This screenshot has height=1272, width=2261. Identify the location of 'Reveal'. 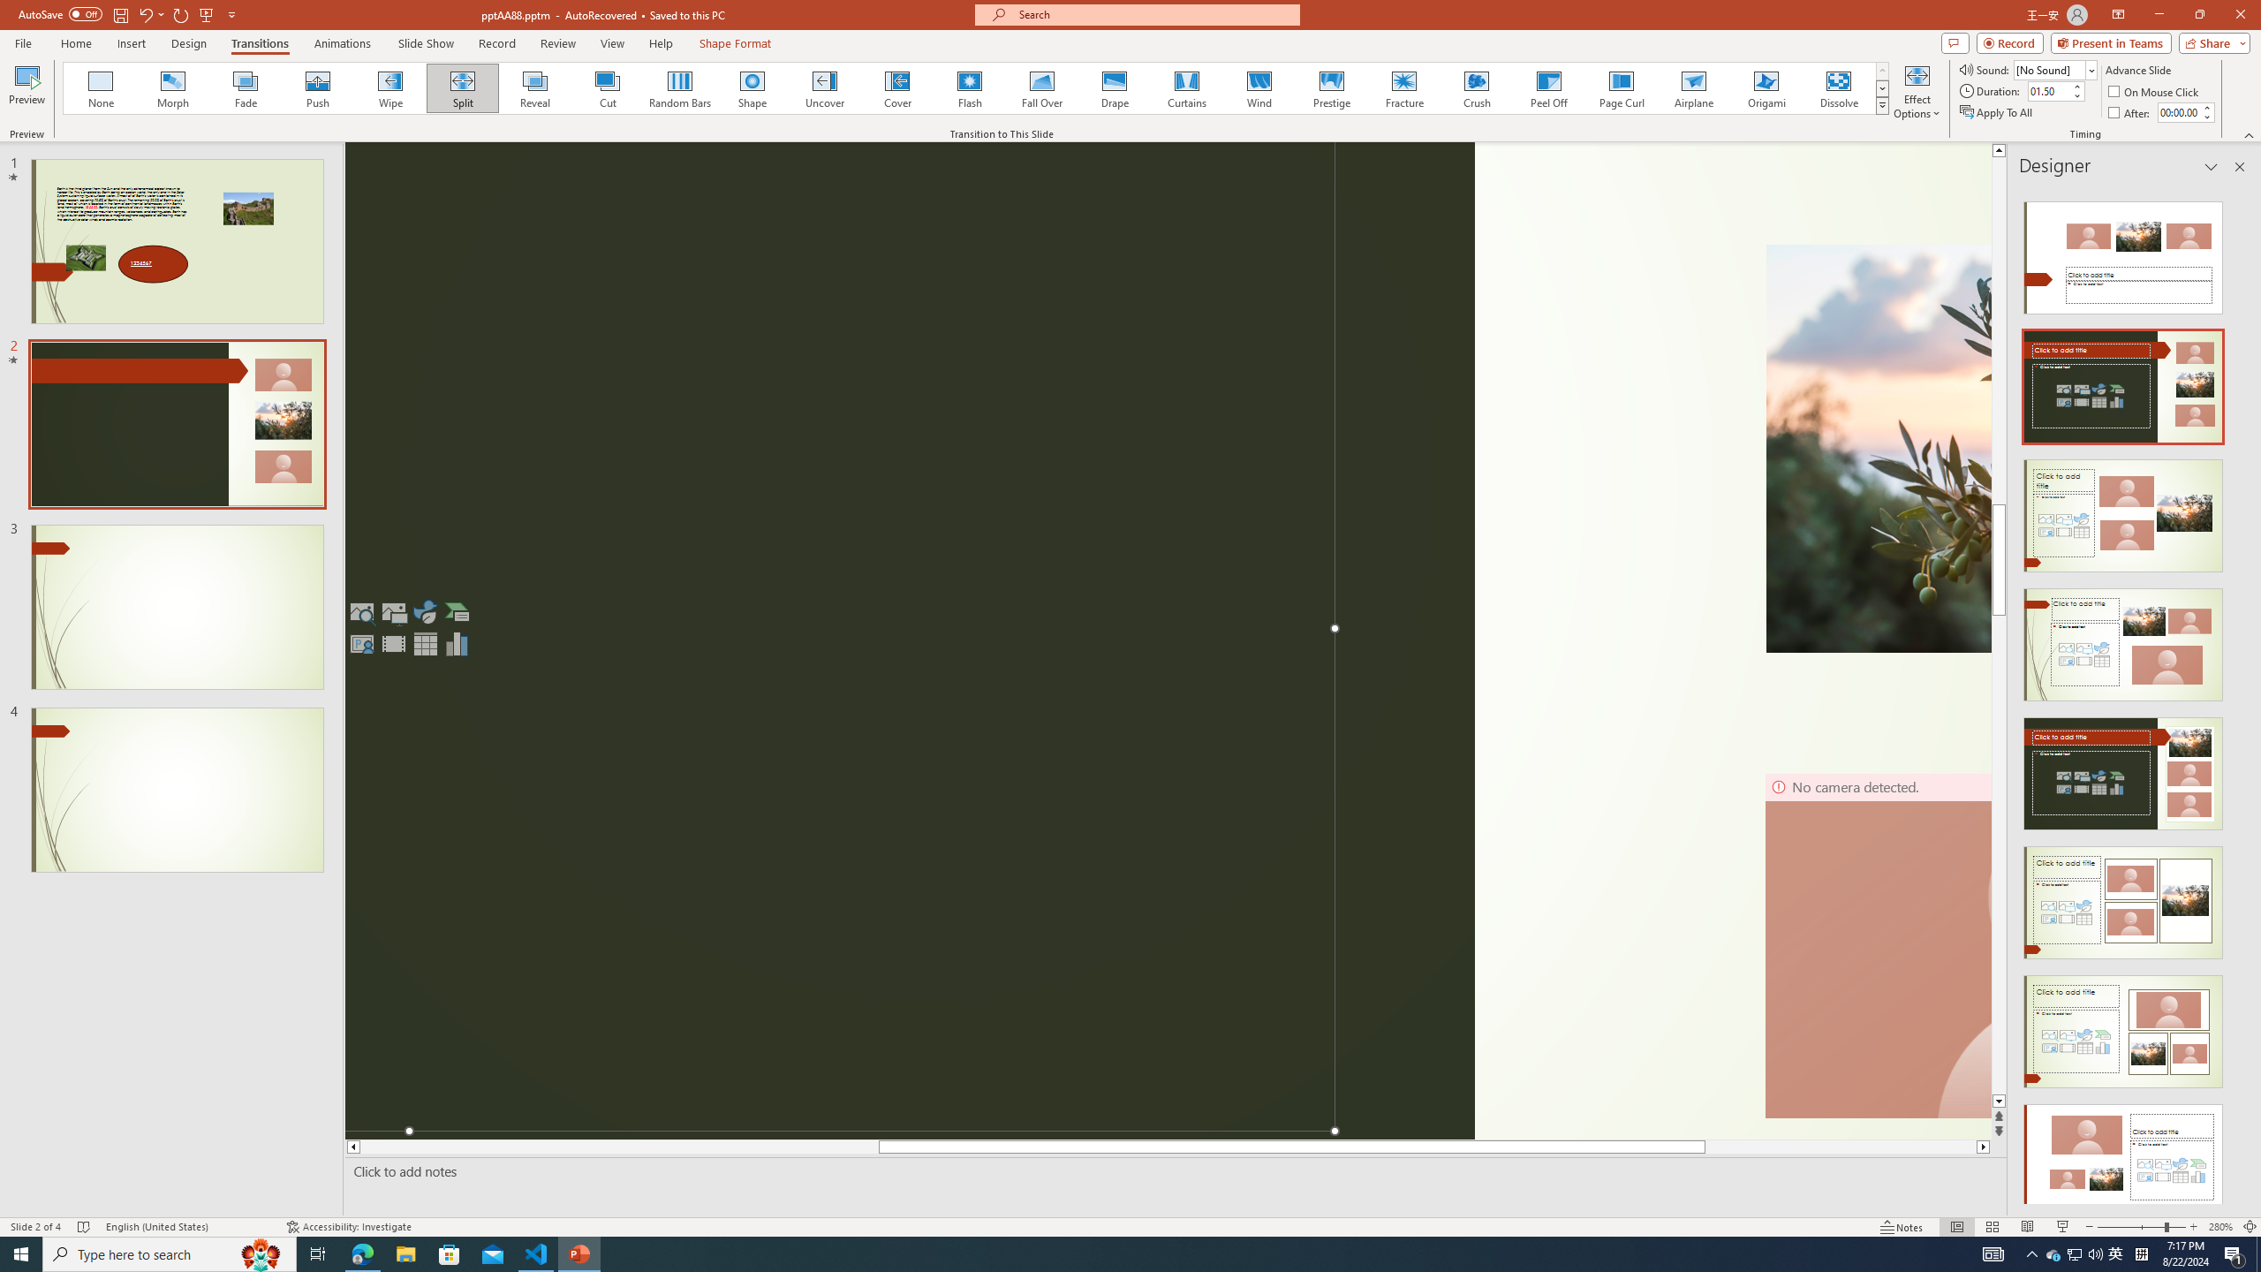
(535, 87).